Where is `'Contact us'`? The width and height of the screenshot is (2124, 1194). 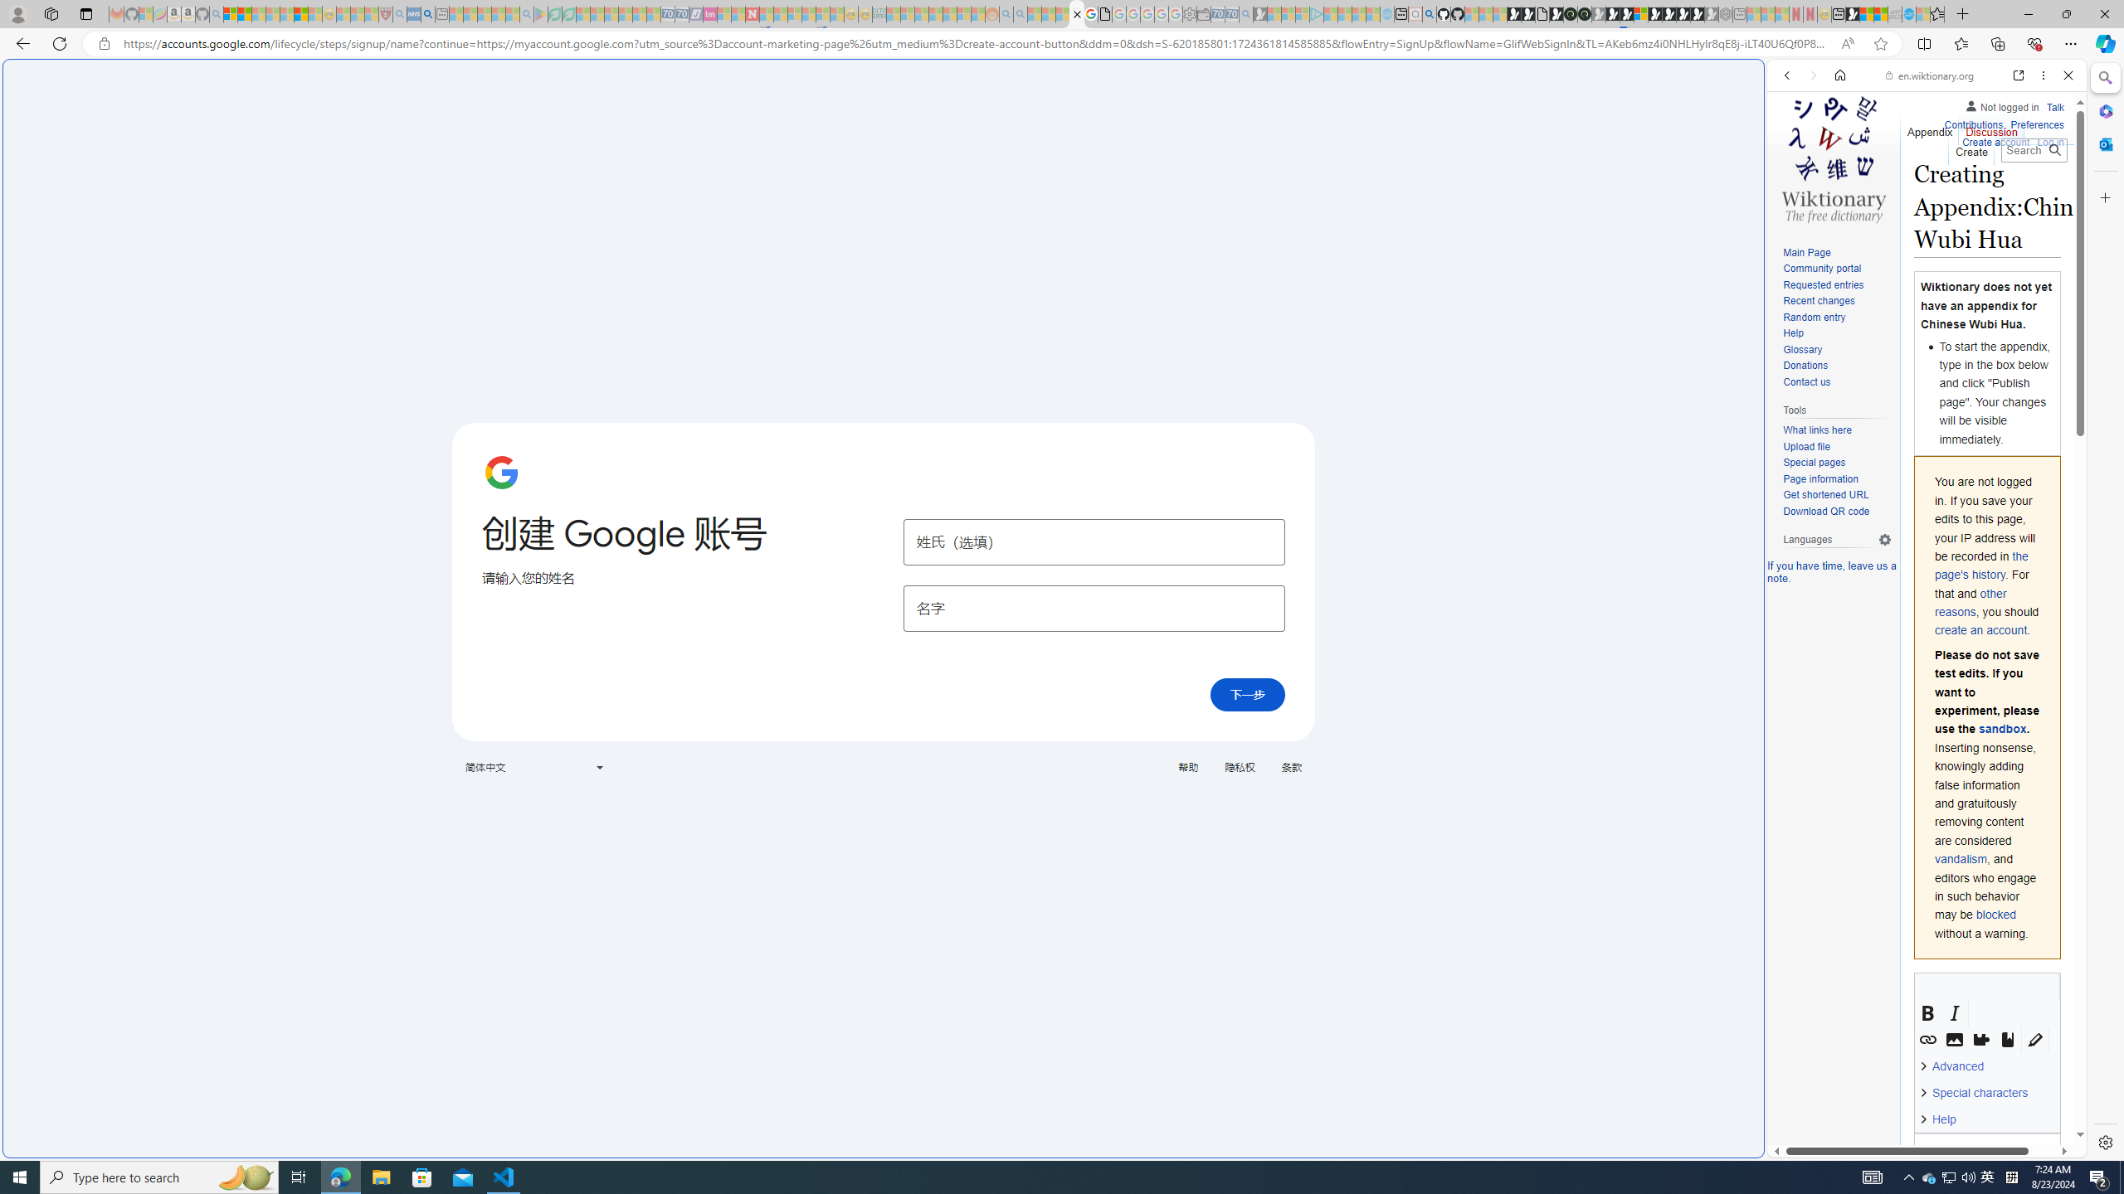
'Contact us' is located at coordinates (1836, 381).